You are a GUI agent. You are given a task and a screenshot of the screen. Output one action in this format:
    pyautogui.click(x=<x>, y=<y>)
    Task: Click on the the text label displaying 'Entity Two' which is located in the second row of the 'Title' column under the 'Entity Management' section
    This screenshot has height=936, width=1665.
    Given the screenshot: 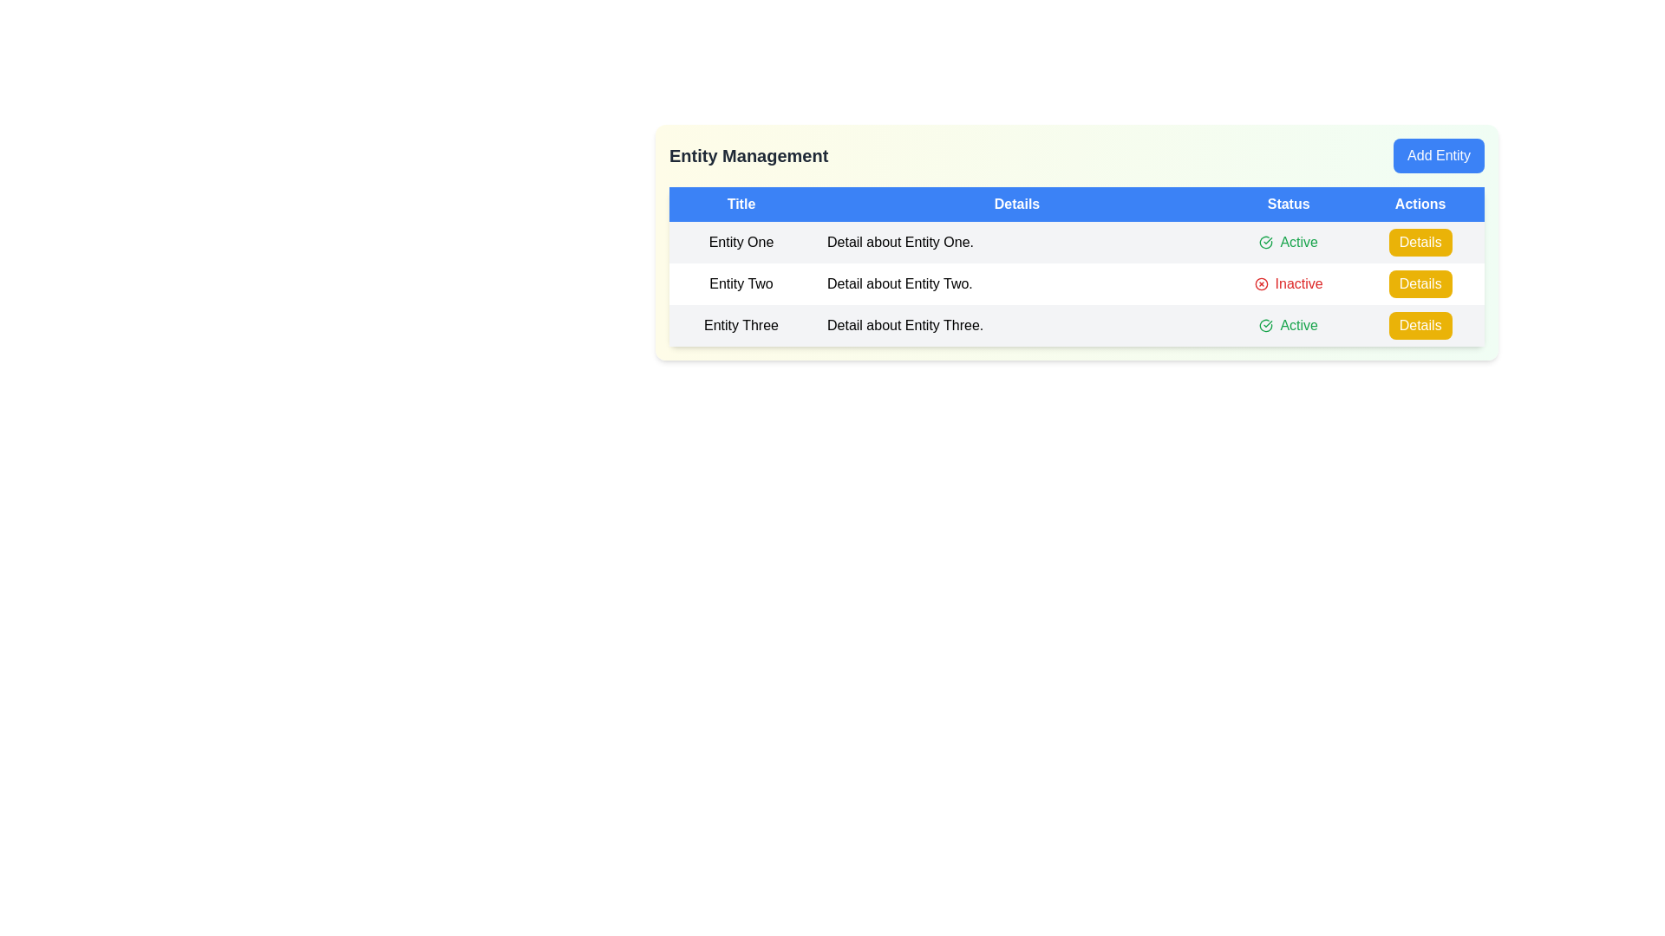 What is the action you would take?
    pyautogui.click(x=741, y=283)
    